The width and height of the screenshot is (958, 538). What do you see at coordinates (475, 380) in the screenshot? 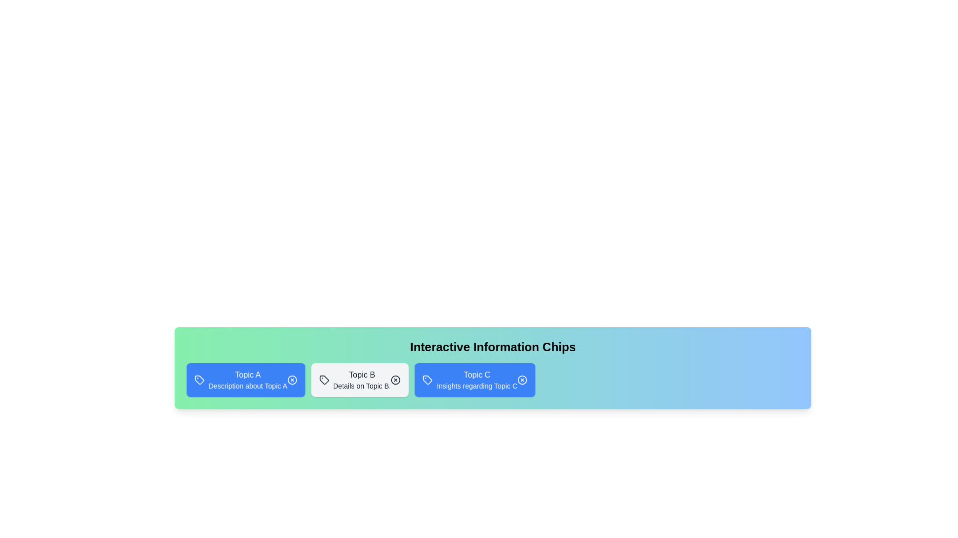
I see `the chip labeled Topic C to observe its hover effect` at bounding box center [475, 380].